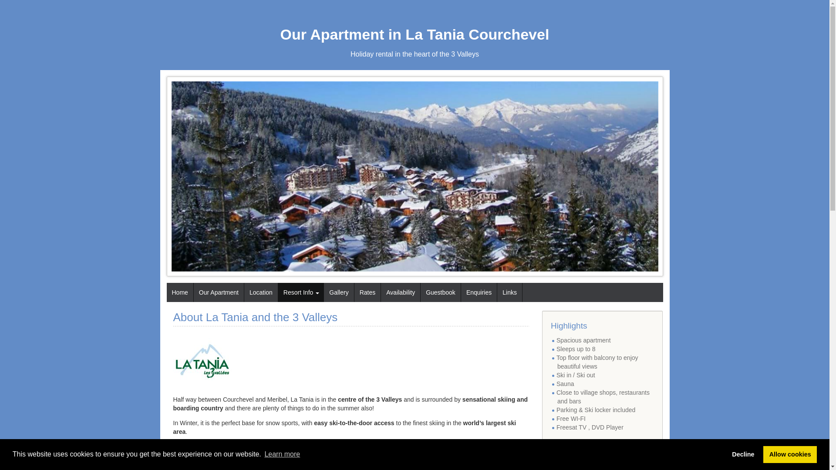 This screenshot has height=470, width=836. I want to click on 'Rates', so click(367, 292).